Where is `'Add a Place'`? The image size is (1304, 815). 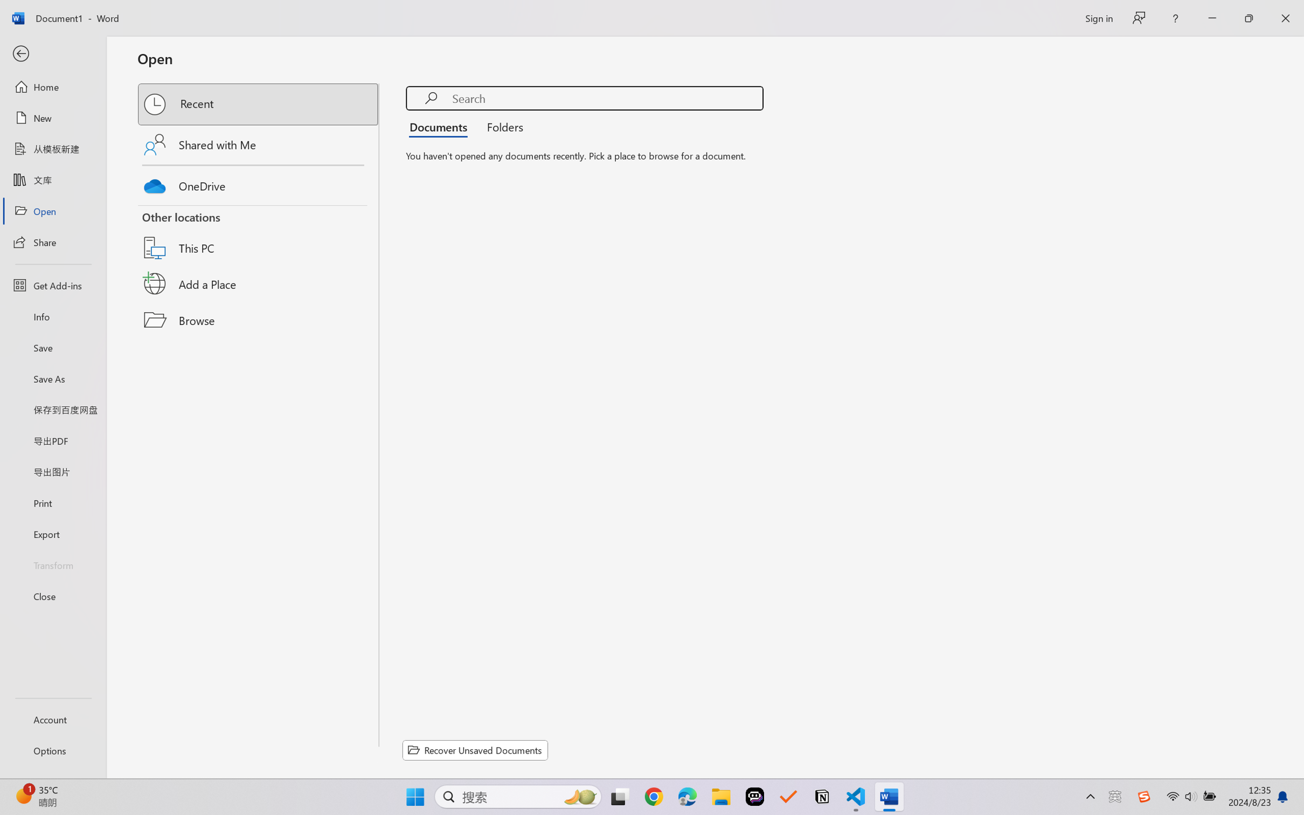 'Add a Place' is located at coordinates (259, 283).